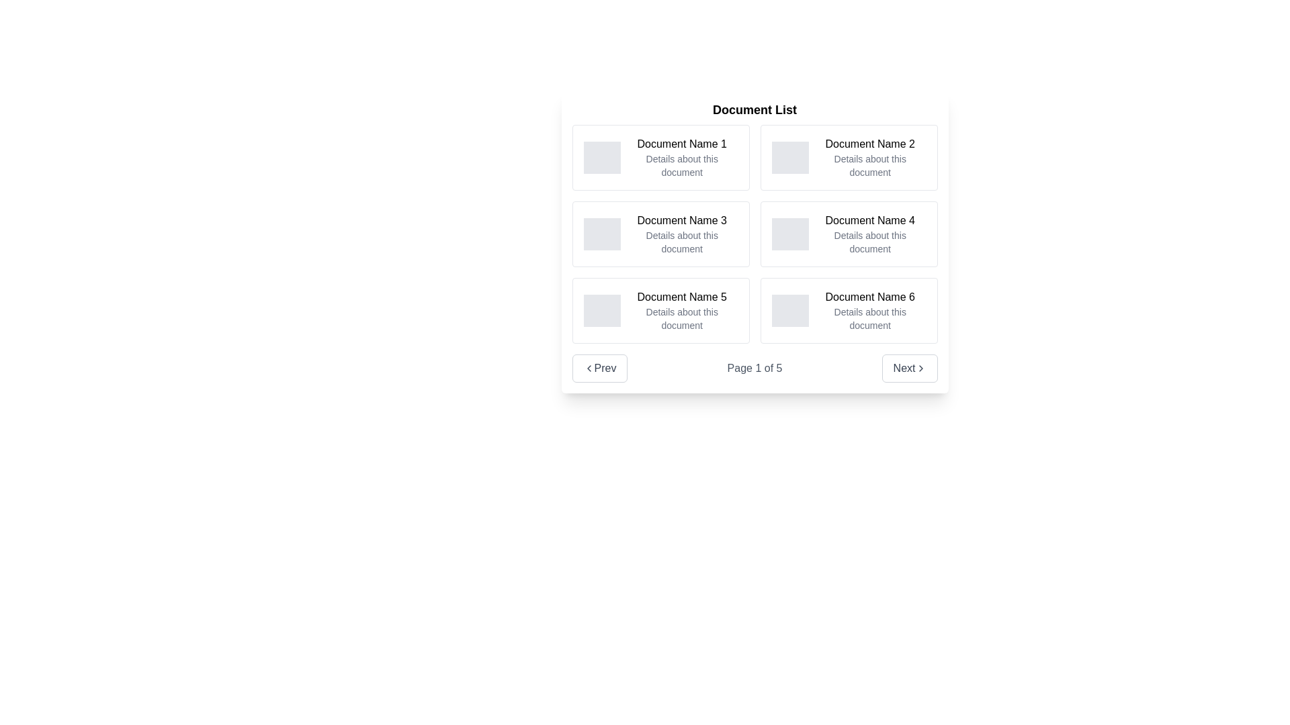 This screenshot has width=1290, height=725. What do you see at coordinates (660, 233) in the screenshot?
I see `the third card in the grid layout containing six cards` at bounding box center [660, 233].